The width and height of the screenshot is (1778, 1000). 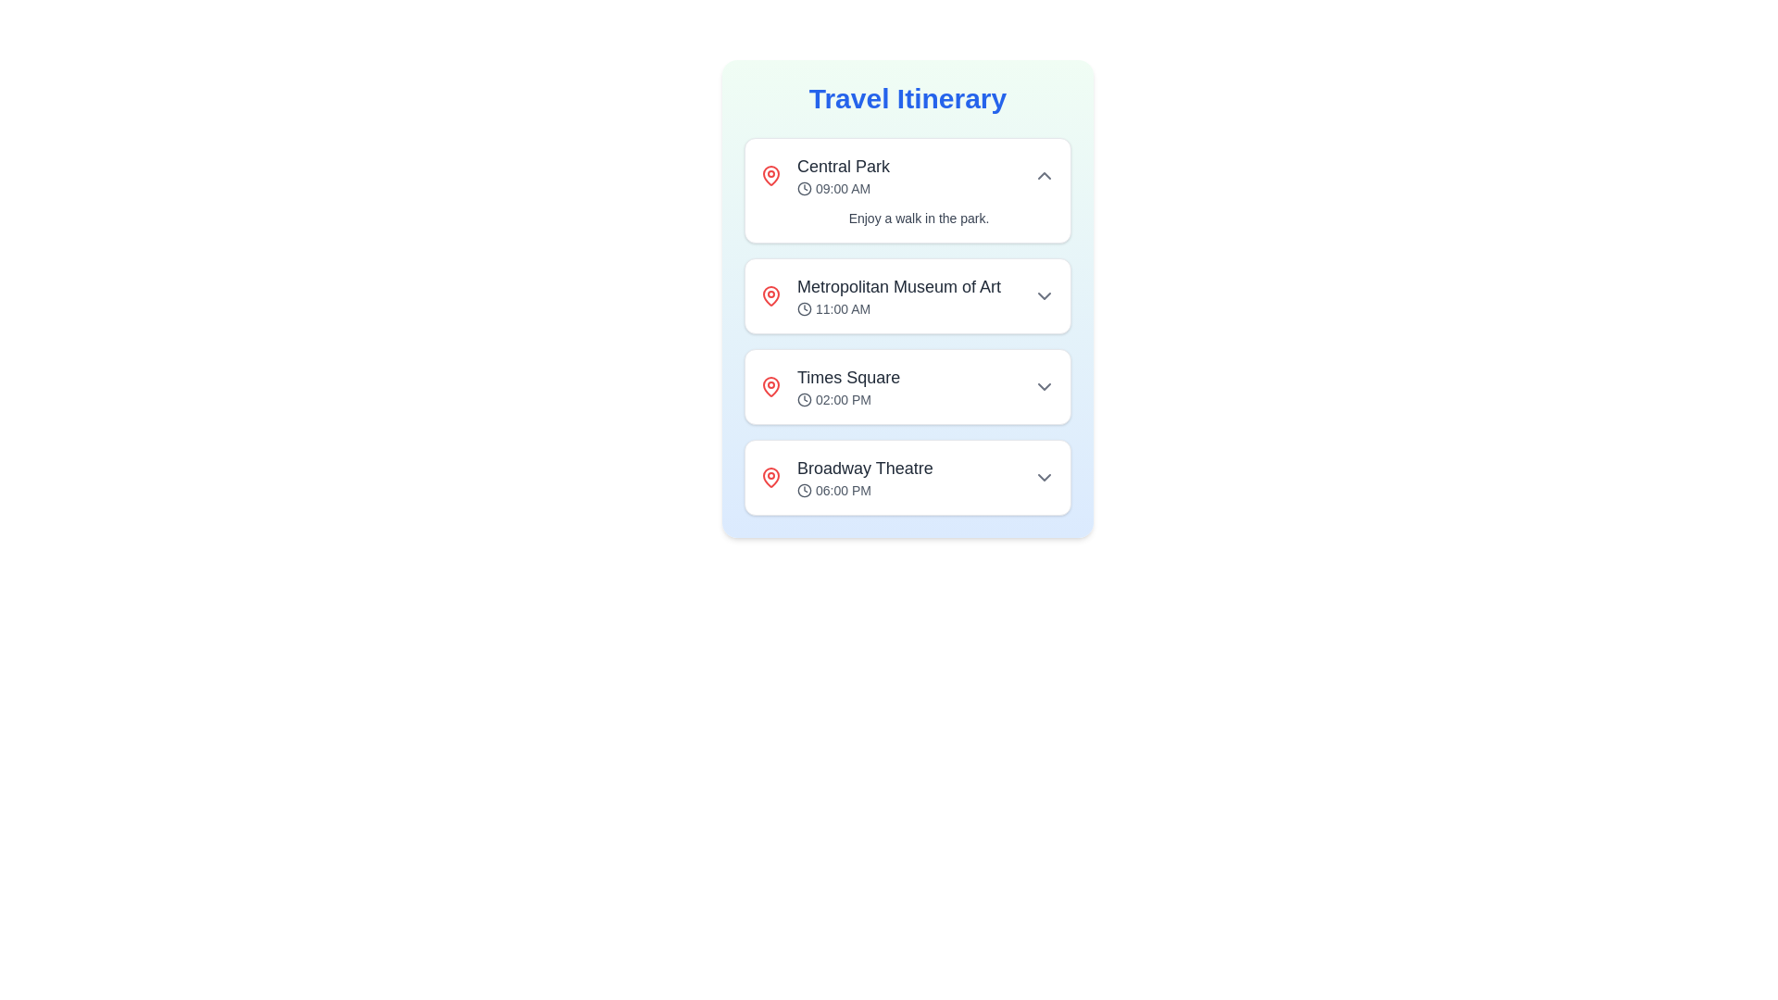 I want to click on the descriptive text element located directly beneath the 'Central Park' and '09:00 AM' text within the white rounded block in the first position of a vertical list, so click(x=908, y=217).